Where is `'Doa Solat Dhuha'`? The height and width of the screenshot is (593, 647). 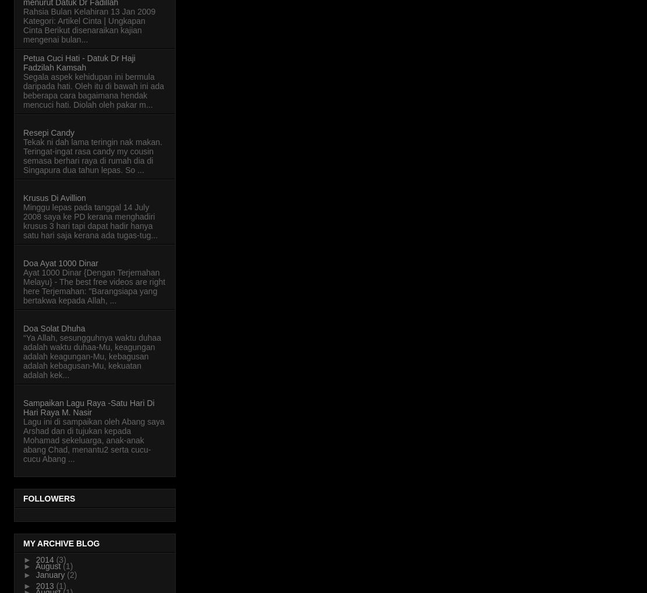 'Doa Solat Dhuha' is located at coordinates (53, 327).